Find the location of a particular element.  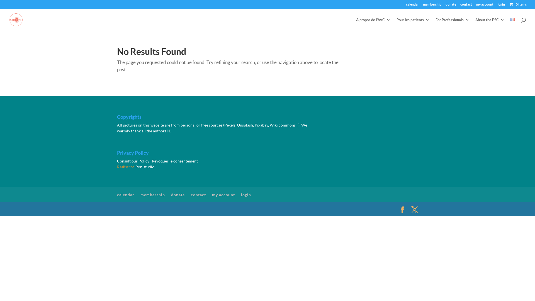

'donate' is located at coordinates (177, 194).